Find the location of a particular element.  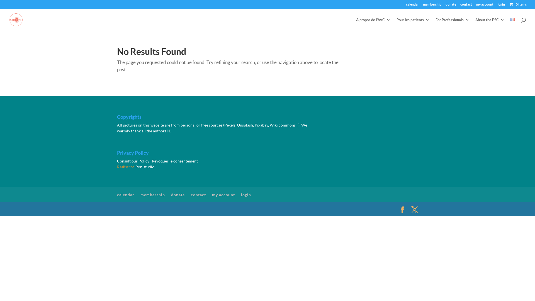

'donate' is located at coordinates (177, 194).